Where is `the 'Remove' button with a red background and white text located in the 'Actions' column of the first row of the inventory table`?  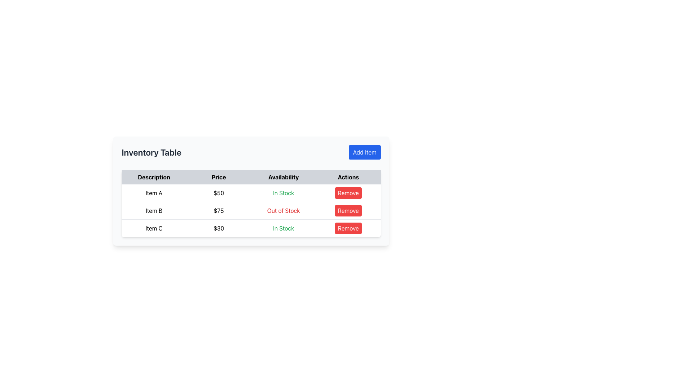
the 'Remove' button with a red background and white text located in the 'Actions' column of the first row of the inventory table is located at coordinates (348, 193).